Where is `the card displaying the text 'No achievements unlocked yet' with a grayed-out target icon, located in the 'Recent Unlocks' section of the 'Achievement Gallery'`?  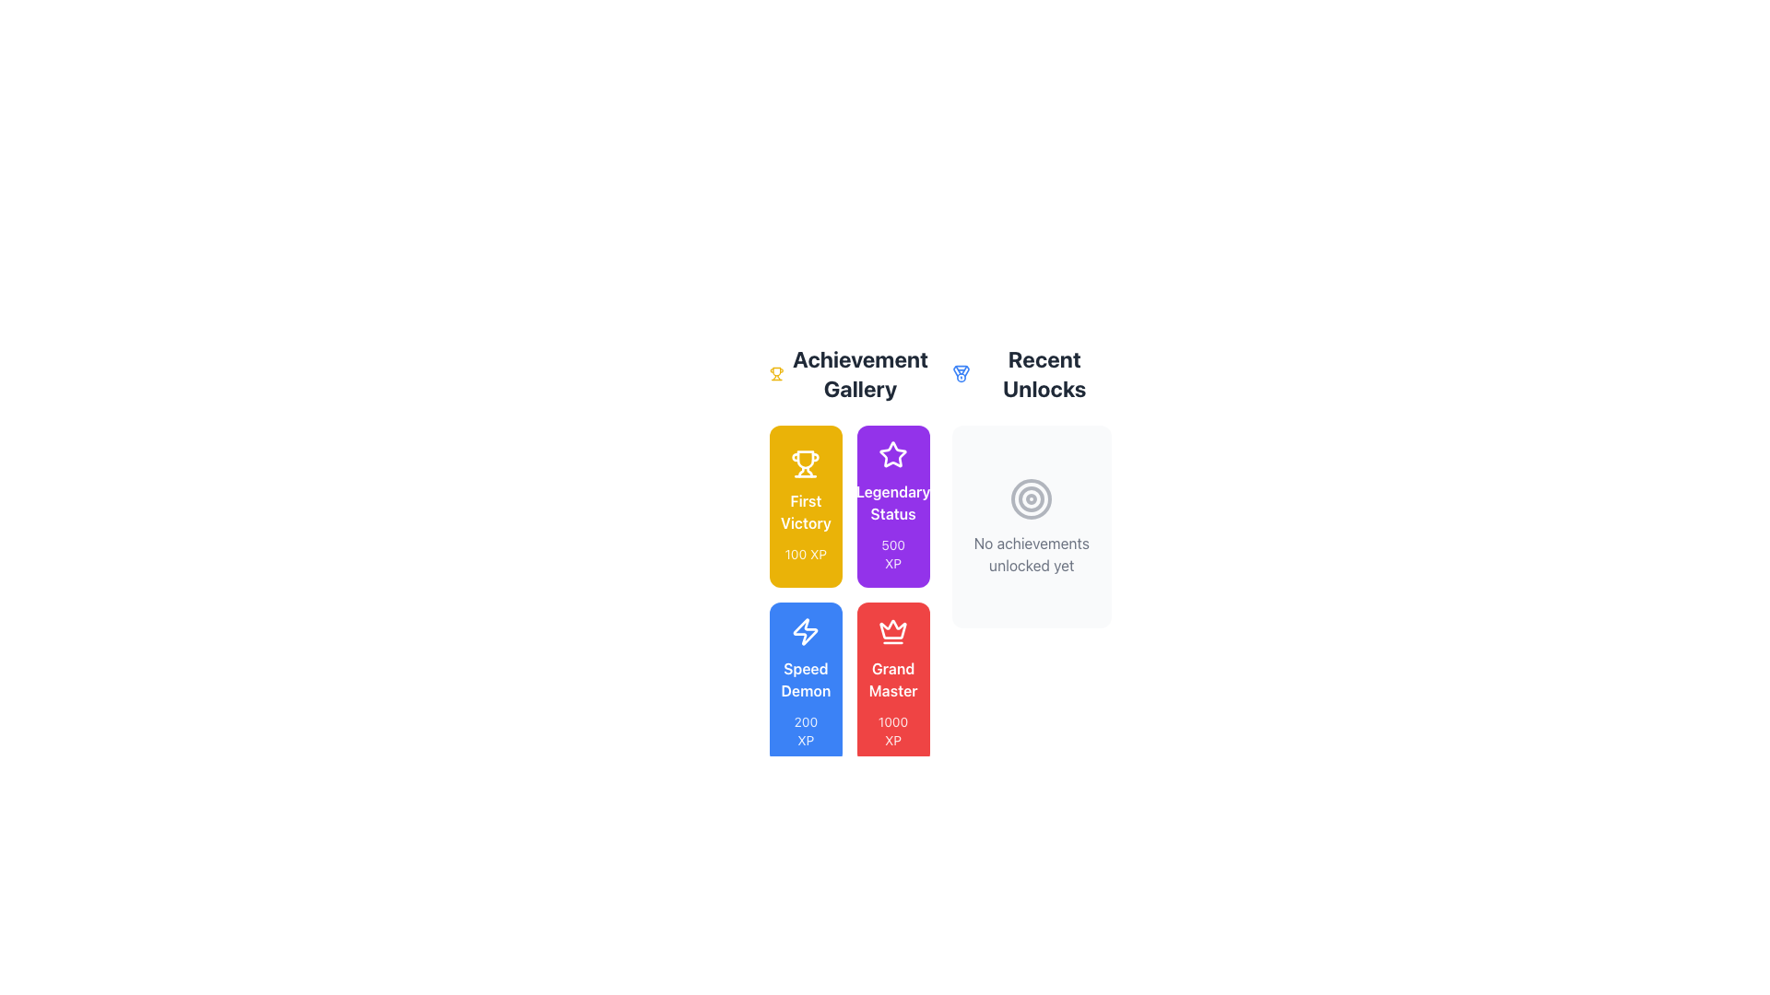 the card displaying the text 'No achievements unlocked yet' with a grayed-out target icon, located in the 'Recent Unlocks' section of the 'Achievement Gallery' is located at coordinates (1031, 526).